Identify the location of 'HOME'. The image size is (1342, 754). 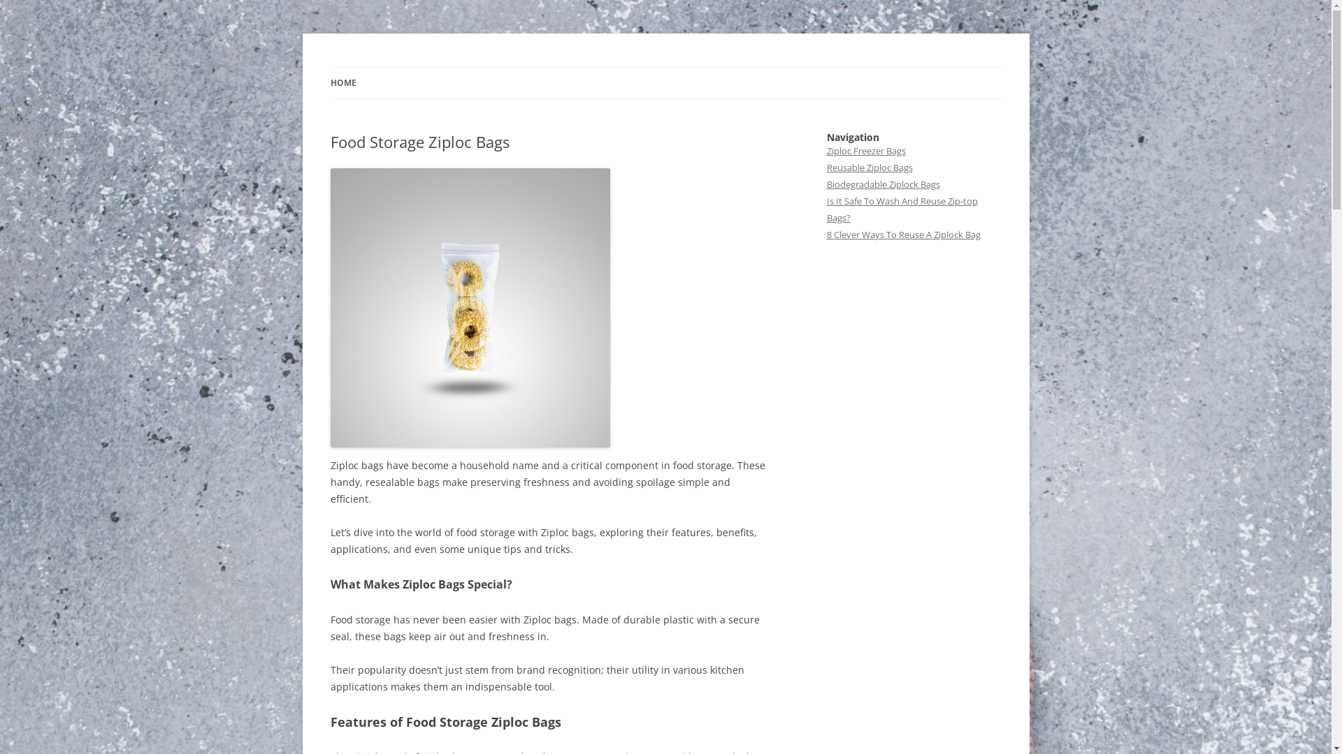
(342, 83).